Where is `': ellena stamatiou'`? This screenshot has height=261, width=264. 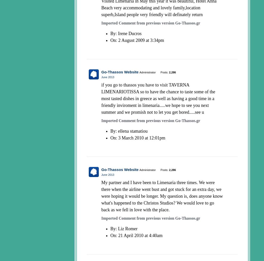
': ellena stamatiou' is located at coordinates (131, 131).